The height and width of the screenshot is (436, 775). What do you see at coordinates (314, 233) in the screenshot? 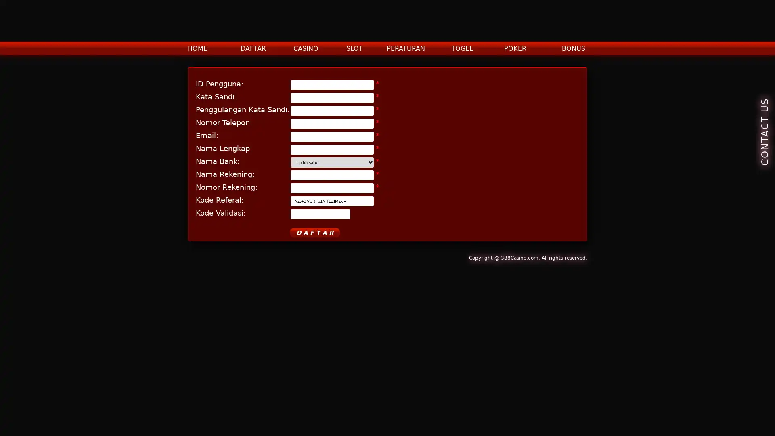
I see `D A F T A R` at bounding box center [314, 233].